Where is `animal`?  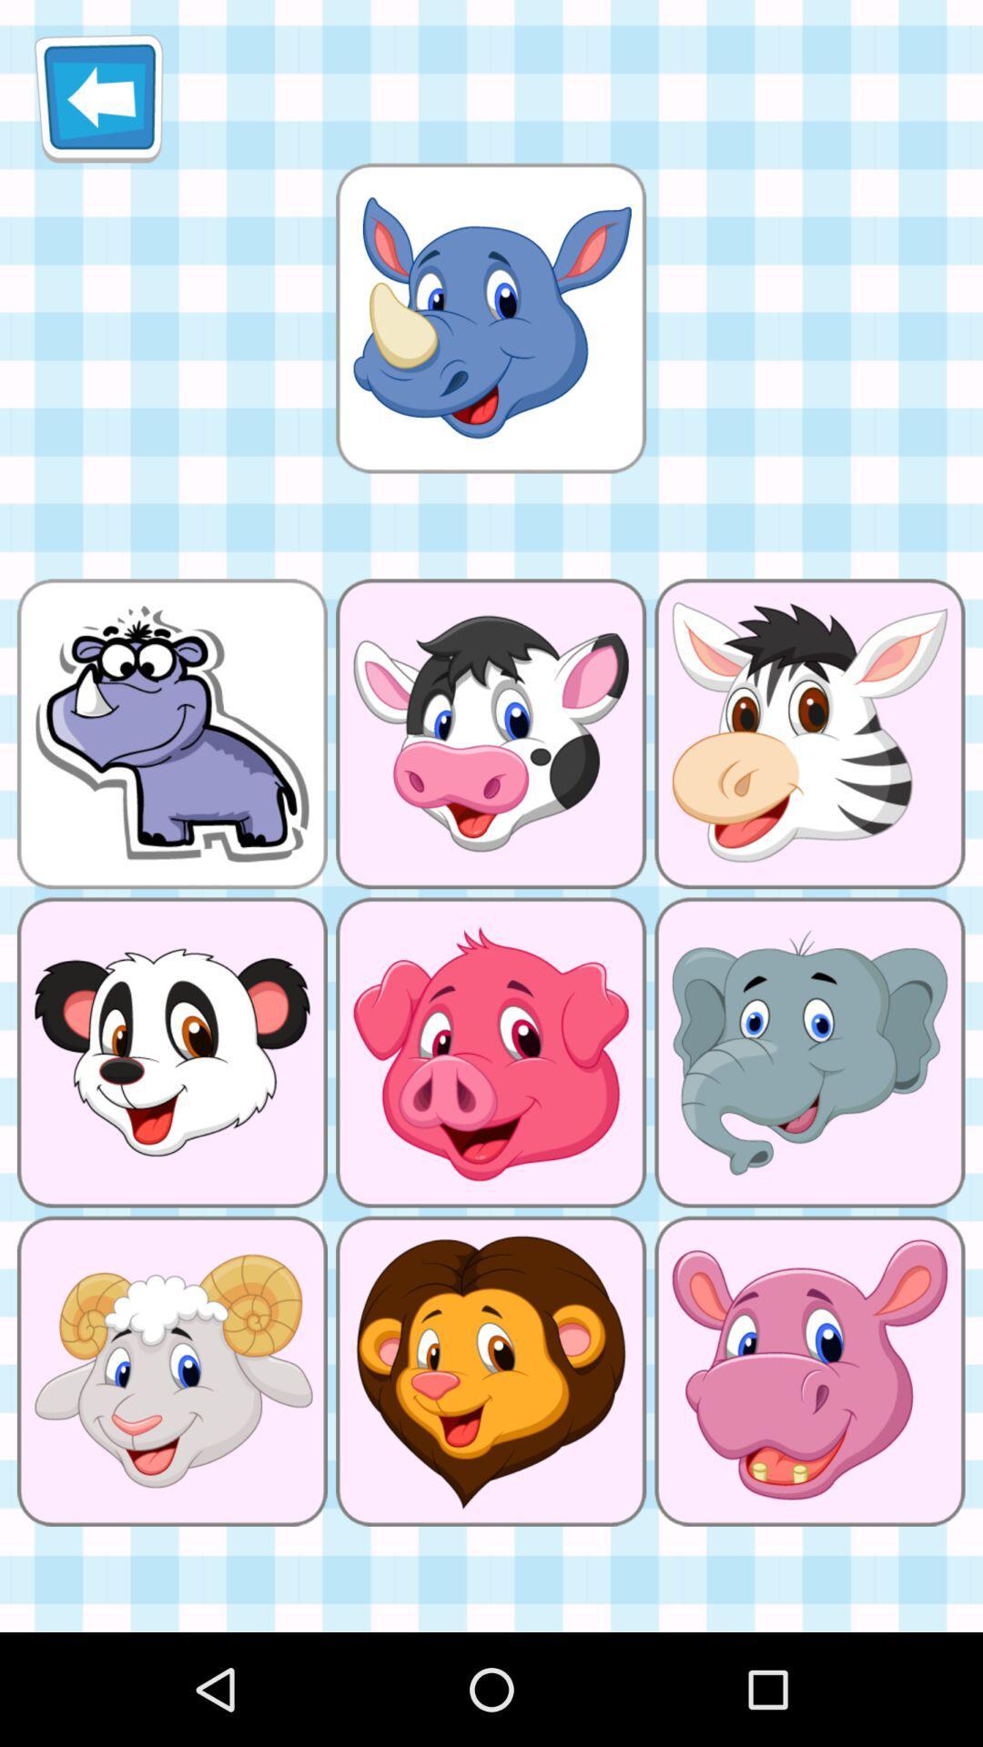
animal is located at coordinates (490, 318).